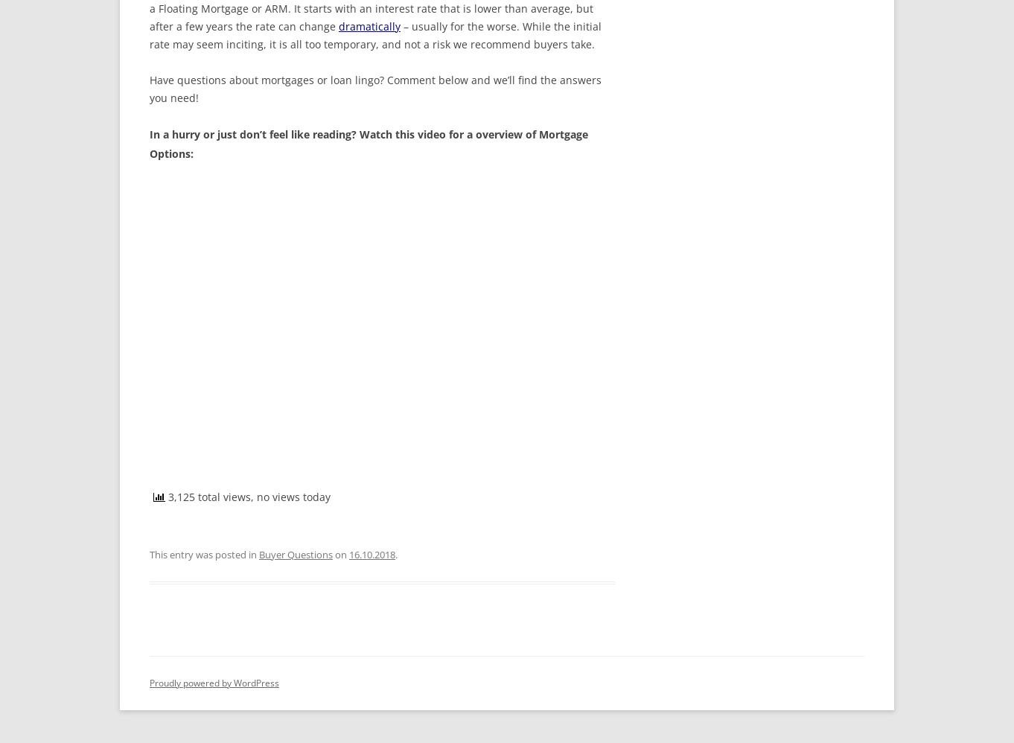  Describe the element at coordinates (374, 34) in the screenshot. I see `'– usually for the worse. While the initial rate may seem inciting, it is all too temporary, and not a risk we recommend buyers take.'` at that location.